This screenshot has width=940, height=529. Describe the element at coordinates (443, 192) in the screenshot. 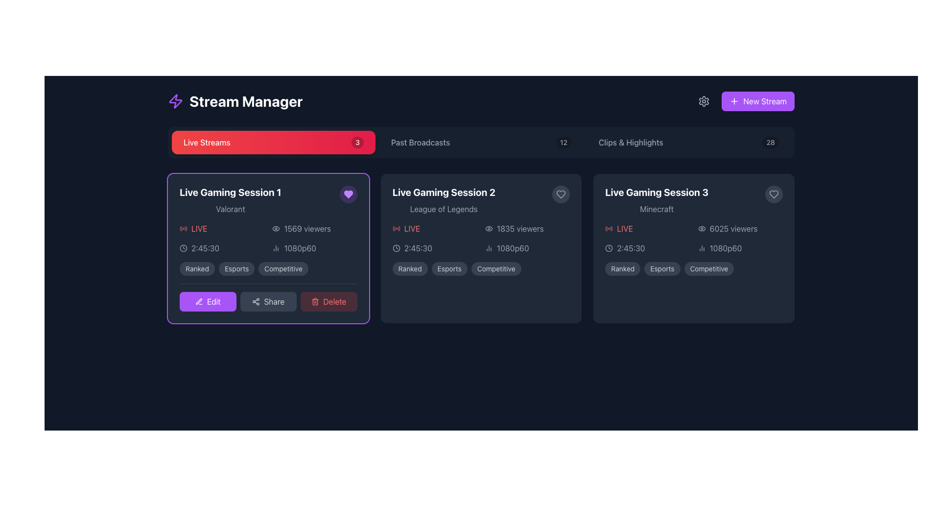

I see `the title text block for the gaming session located in the second card from the left, which is positioned above the smaller gray text reading 'League of Legends'` at that location.